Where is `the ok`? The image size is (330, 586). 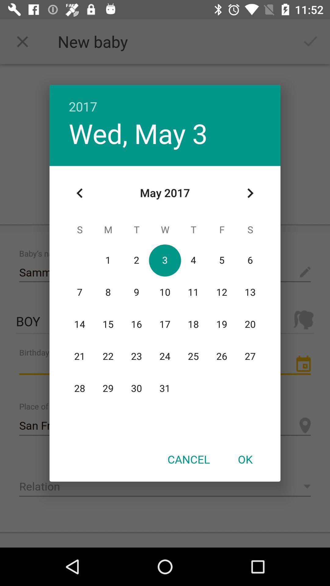 the ok is located at coordinates (245, 459).